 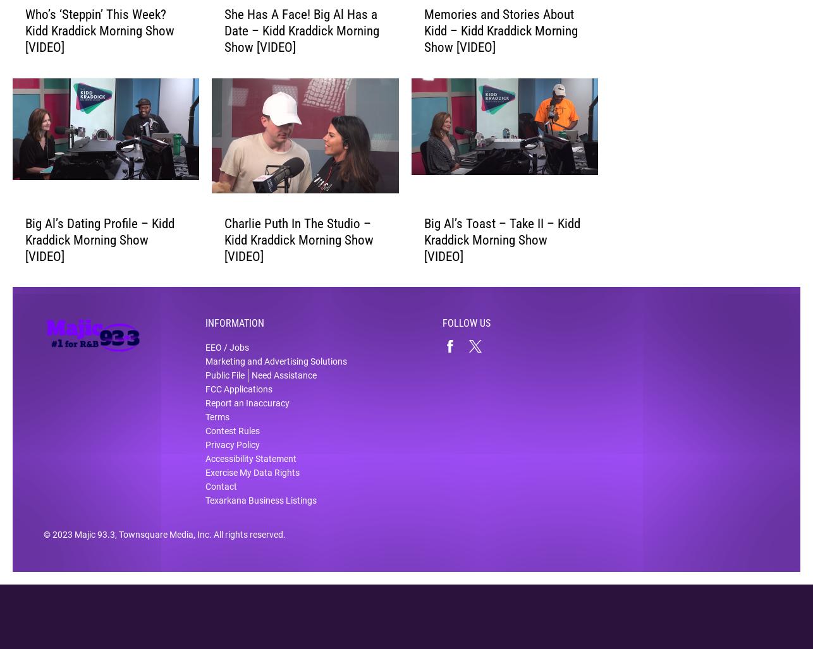 I want to click on 'Public File', so click(x=224, y=384).